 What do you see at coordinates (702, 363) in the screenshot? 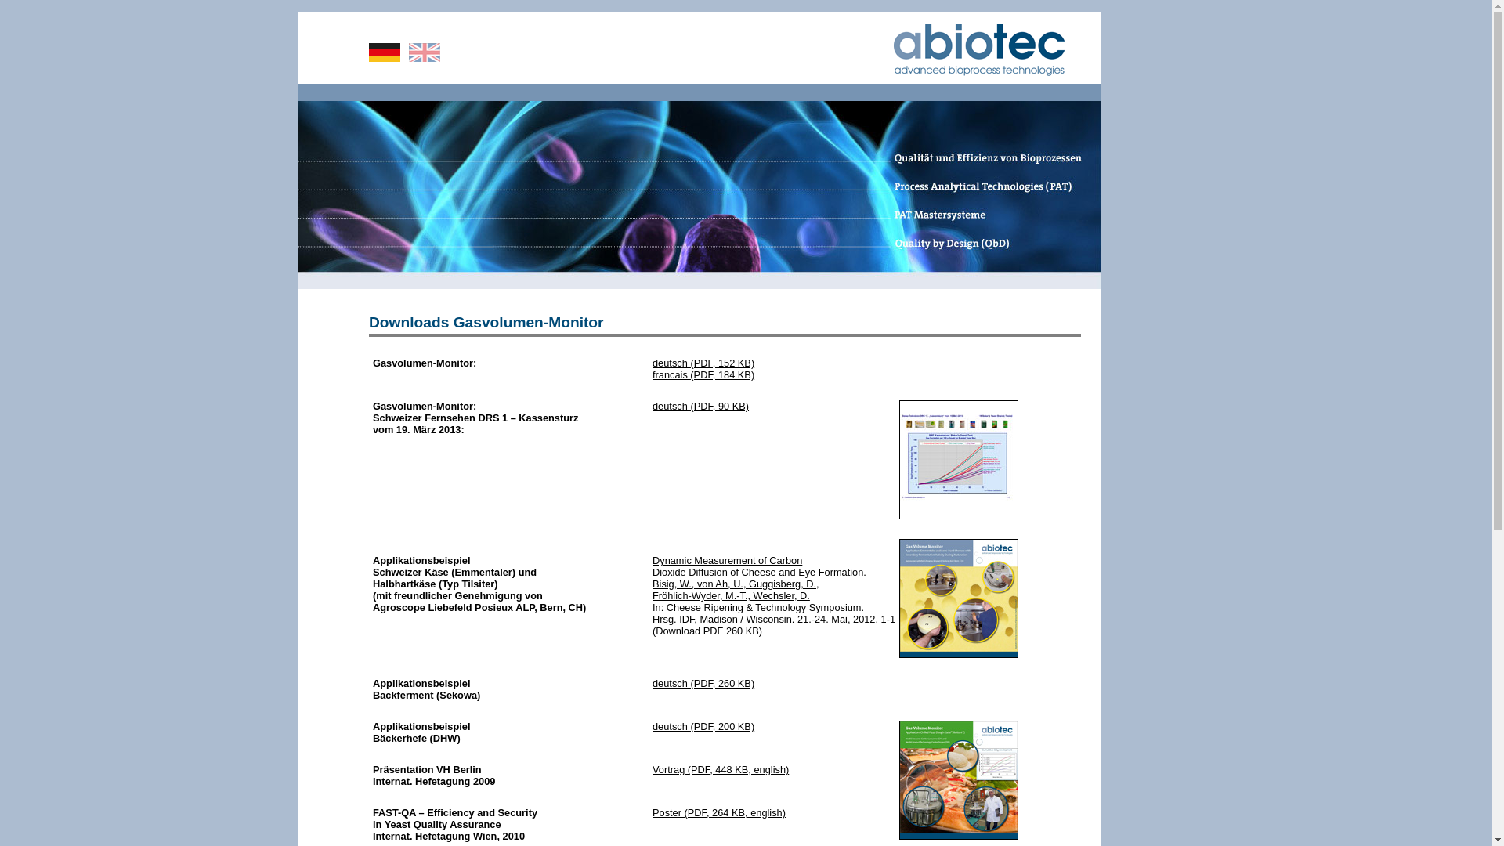
I see `'deutsch (PDF, 152 KB)'` at bounding box center [702, 363].